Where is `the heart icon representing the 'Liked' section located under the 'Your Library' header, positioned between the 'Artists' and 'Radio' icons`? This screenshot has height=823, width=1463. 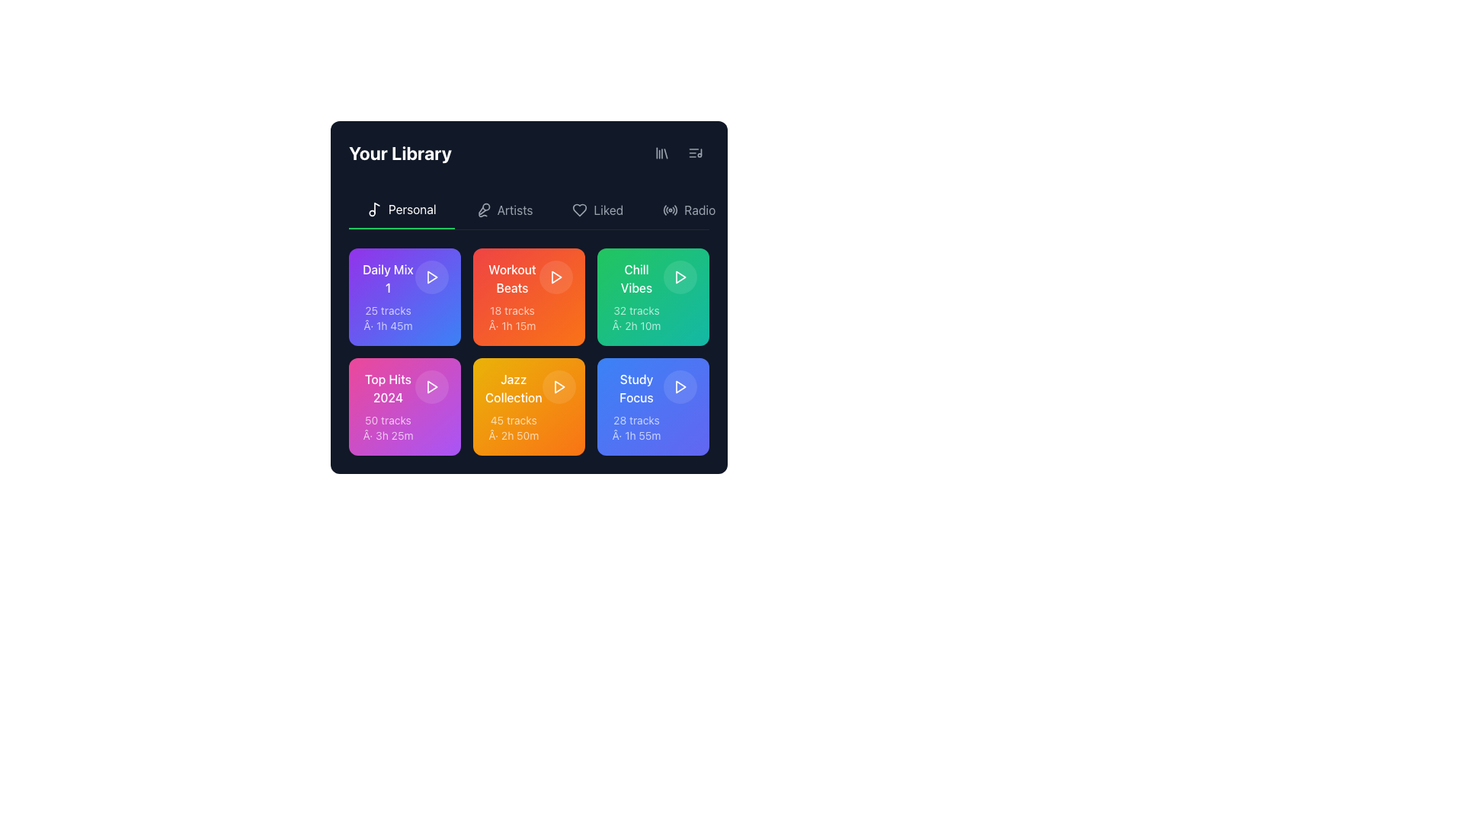
the heart icon representing the 'Liked' section located under the 'Your Library' header, positioned between the 'Artists' and 'Radio' icons is located at coordinates (579, 210).